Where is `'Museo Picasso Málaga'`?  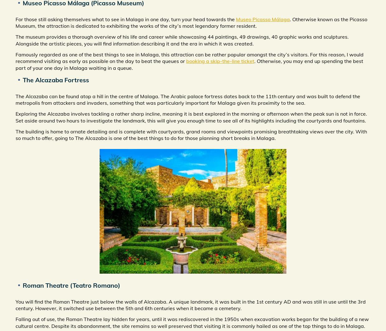
'Museo Picasso Málaga' is located at coordinates (262, 19).